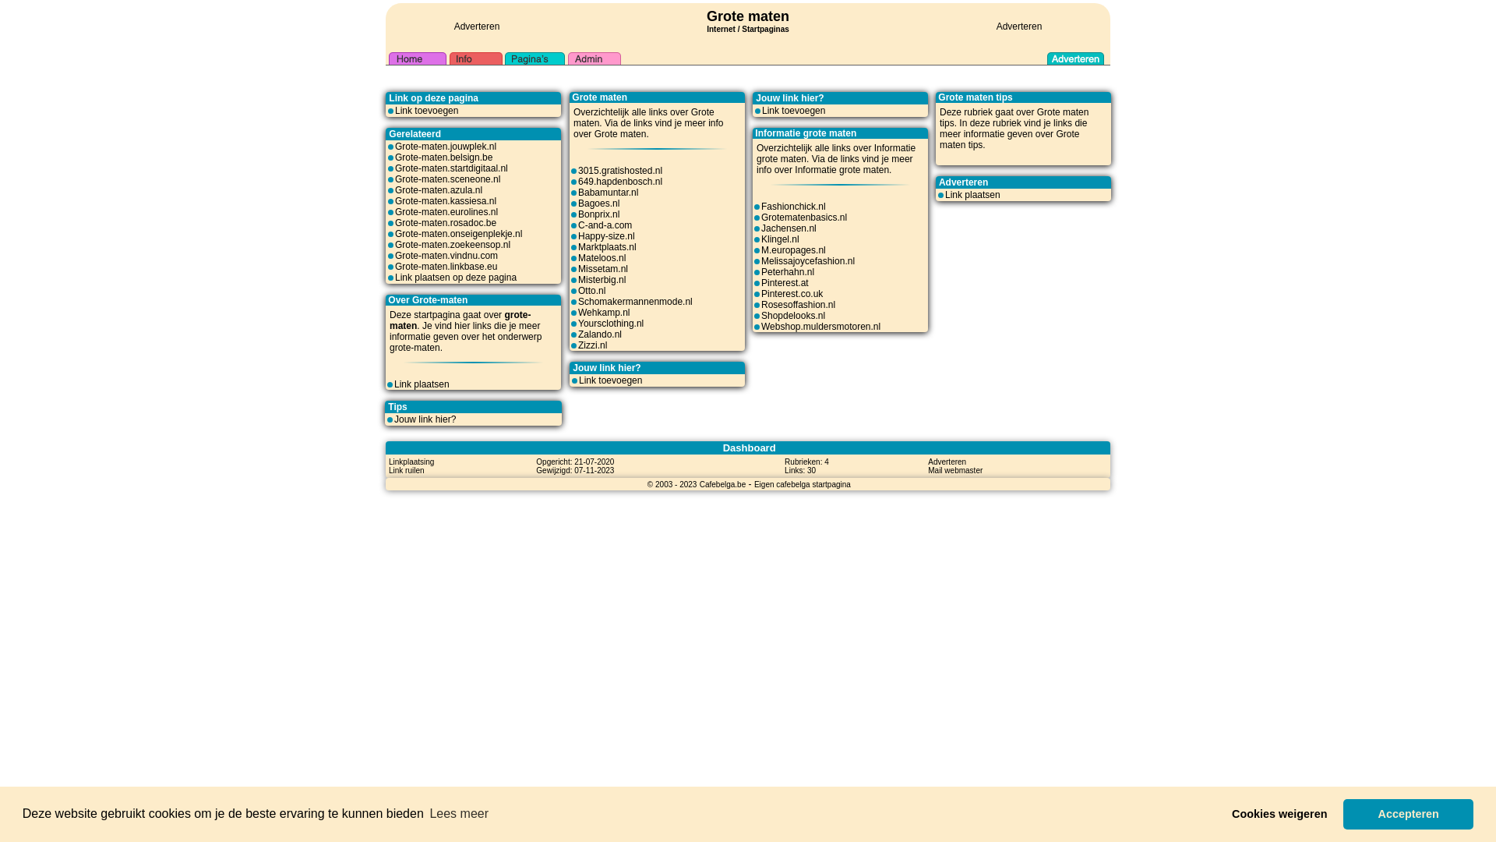  I want to click on 'Eigen cafebelga startpagina', so click(803, 483).